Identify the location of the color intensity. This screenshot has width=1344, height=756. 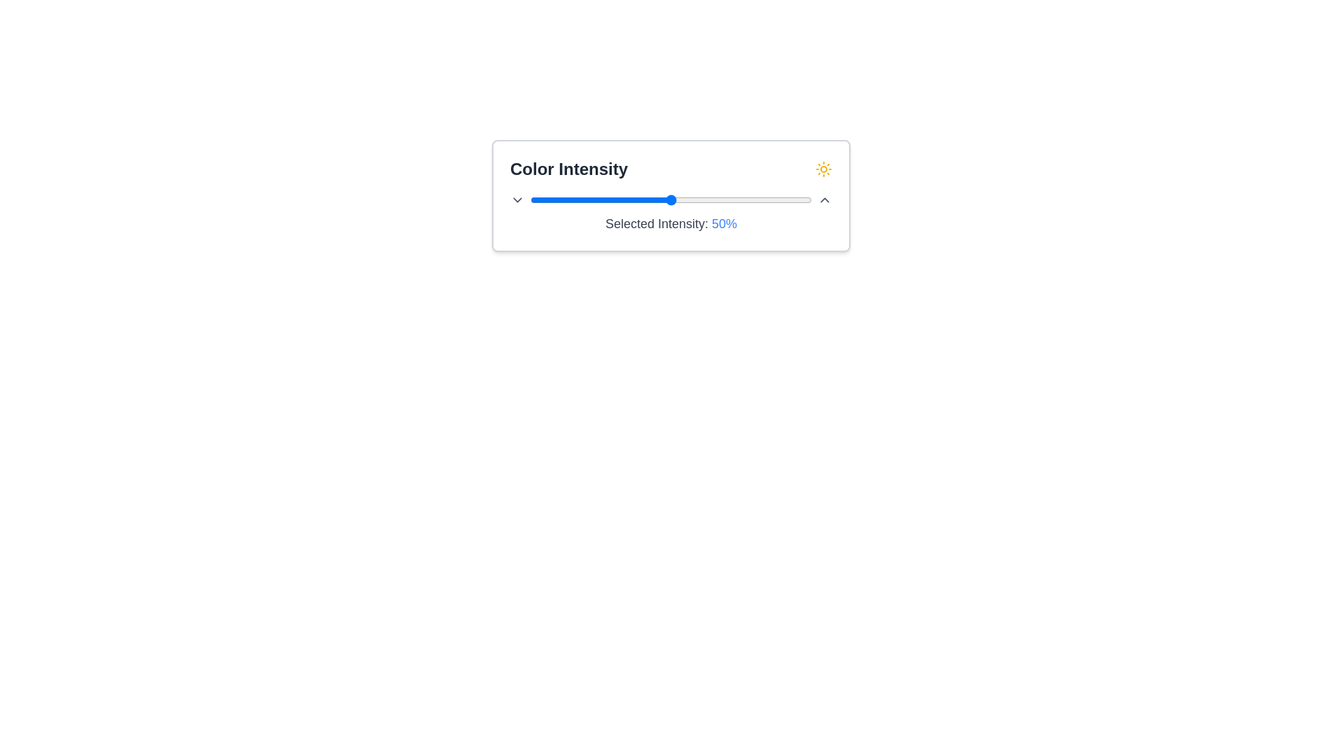
(789, 199).